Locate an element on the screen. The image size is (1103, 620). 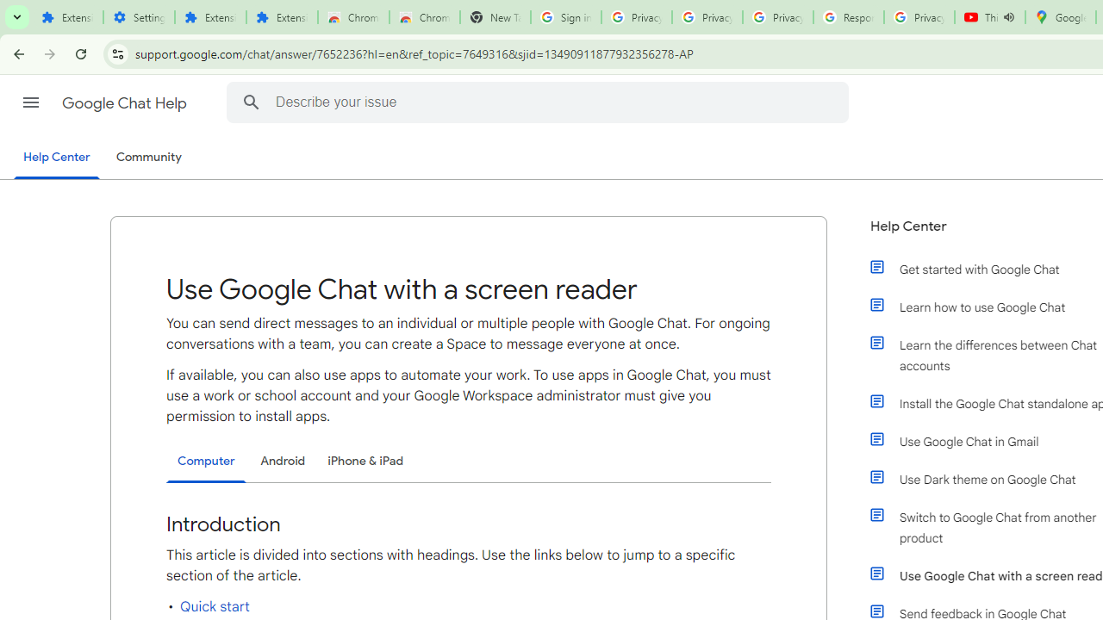
'Quick start' is located at coordinates (214, 605).